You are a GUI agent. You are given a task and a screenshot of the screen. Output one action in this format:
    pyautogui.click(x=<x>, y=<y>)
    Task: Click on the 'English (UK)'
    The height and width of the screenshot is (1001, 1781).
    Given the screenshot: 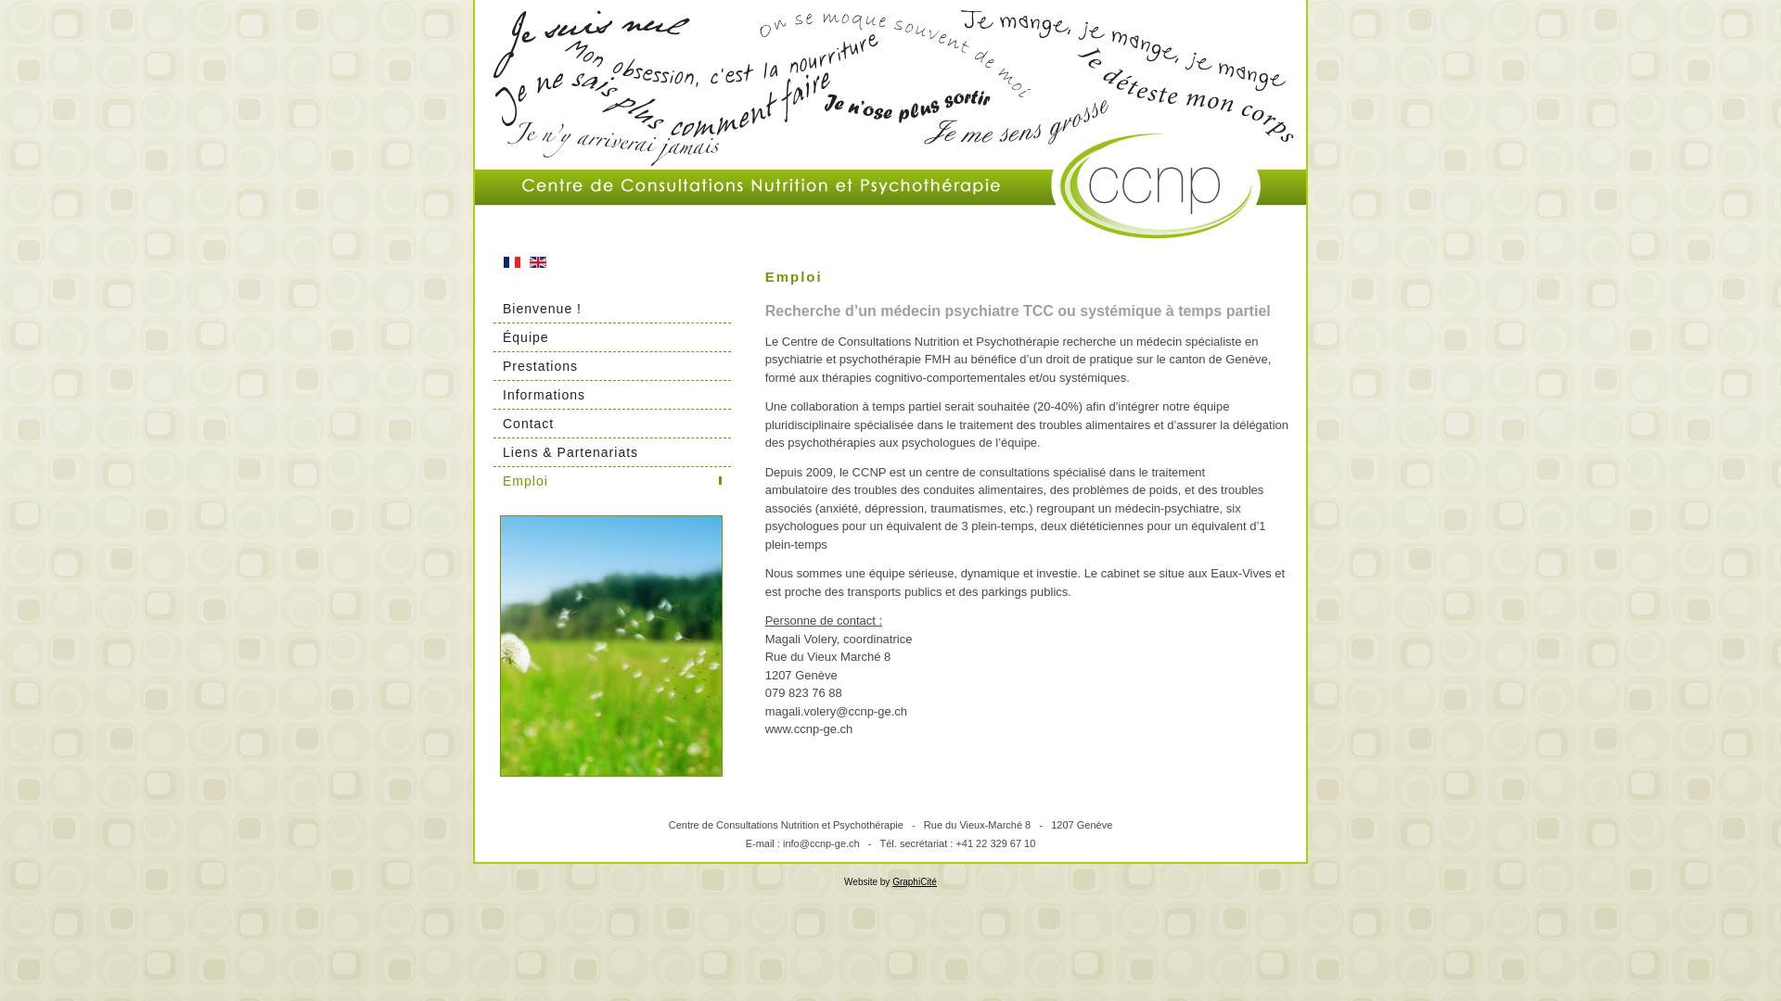 What is the action you would take?
    pyautogui.click(x=529, y=261)
    